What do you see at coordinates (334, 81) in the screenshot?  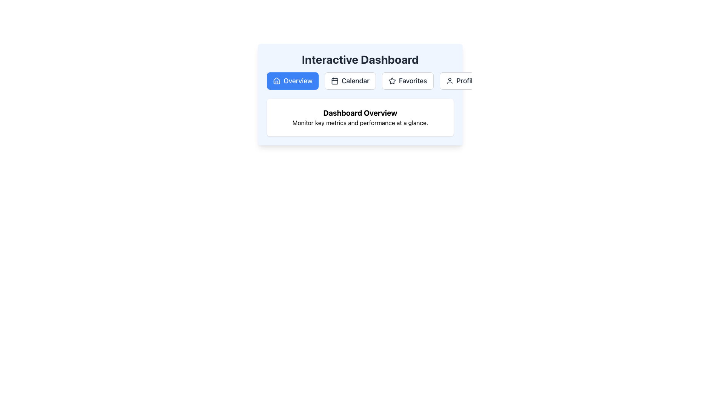 I see `the 'Calendar' navigation button icon` at bounding box center [334, 81].